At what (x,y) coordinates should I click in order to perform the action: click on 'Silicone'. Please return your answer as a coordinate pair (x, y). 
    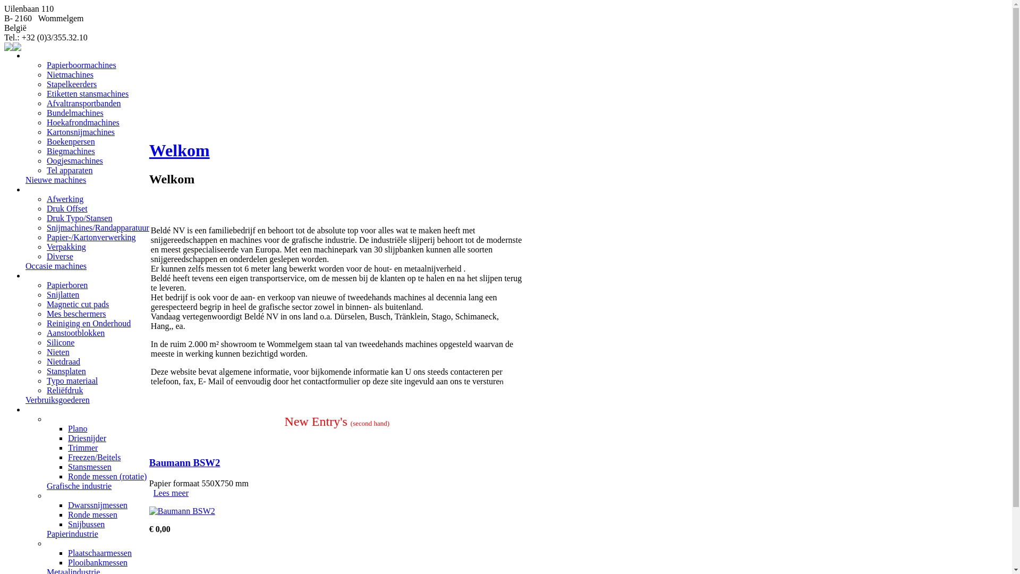
    Looking at the image, I should click on (60, 342).